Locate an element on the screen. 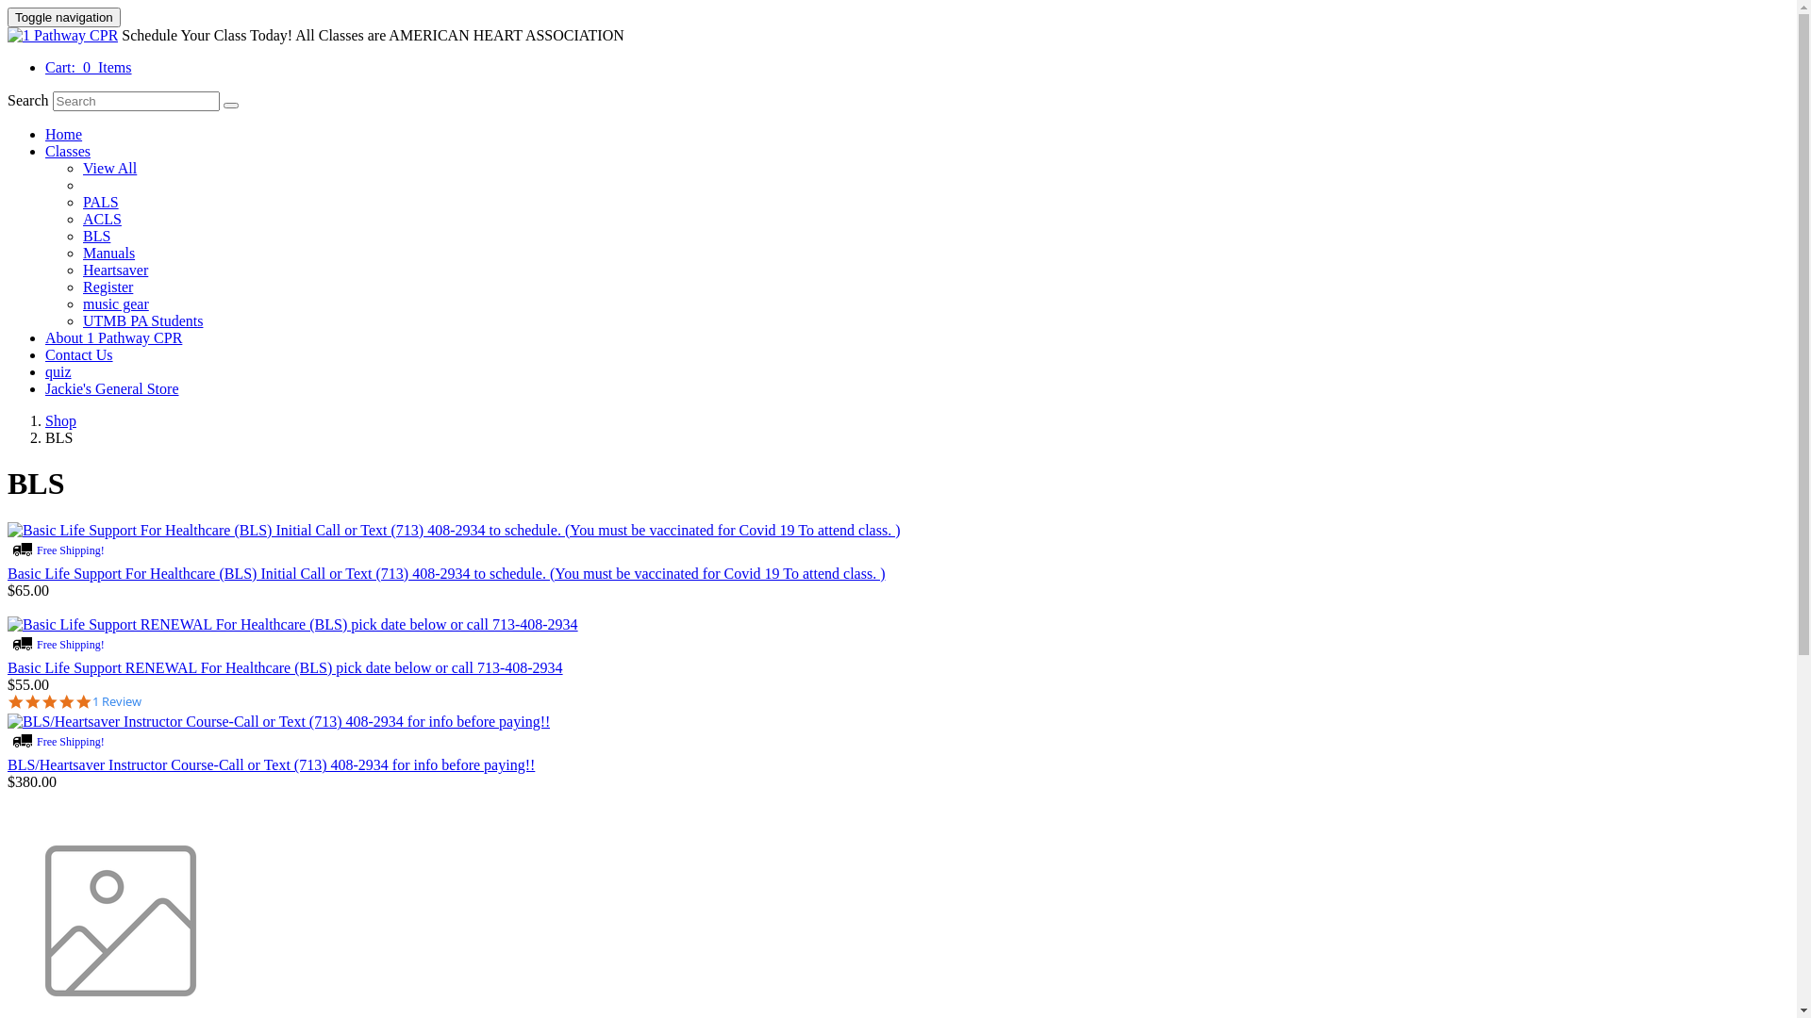  'Classes' is located at coordinates (68, 150).